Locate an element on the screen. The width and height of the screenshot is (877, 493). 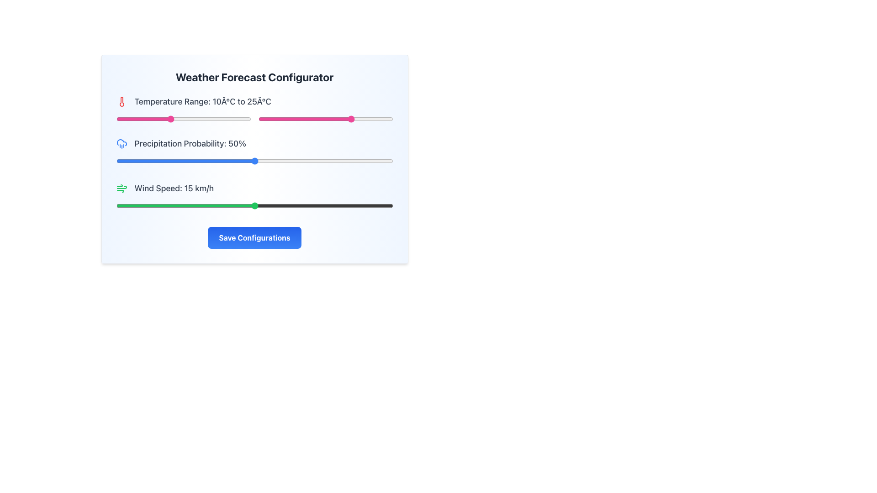
the wind speed is located at coordinates (208, 206).